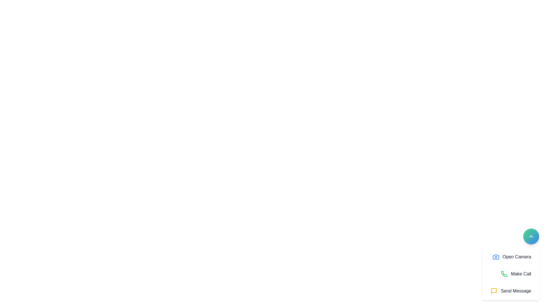  Describe the element at coordinates (504, 274) in the screenshot. I see `the green phone icon, which is styled as an outline within a square and is located to the left of the 'Make Call' button` at that location.